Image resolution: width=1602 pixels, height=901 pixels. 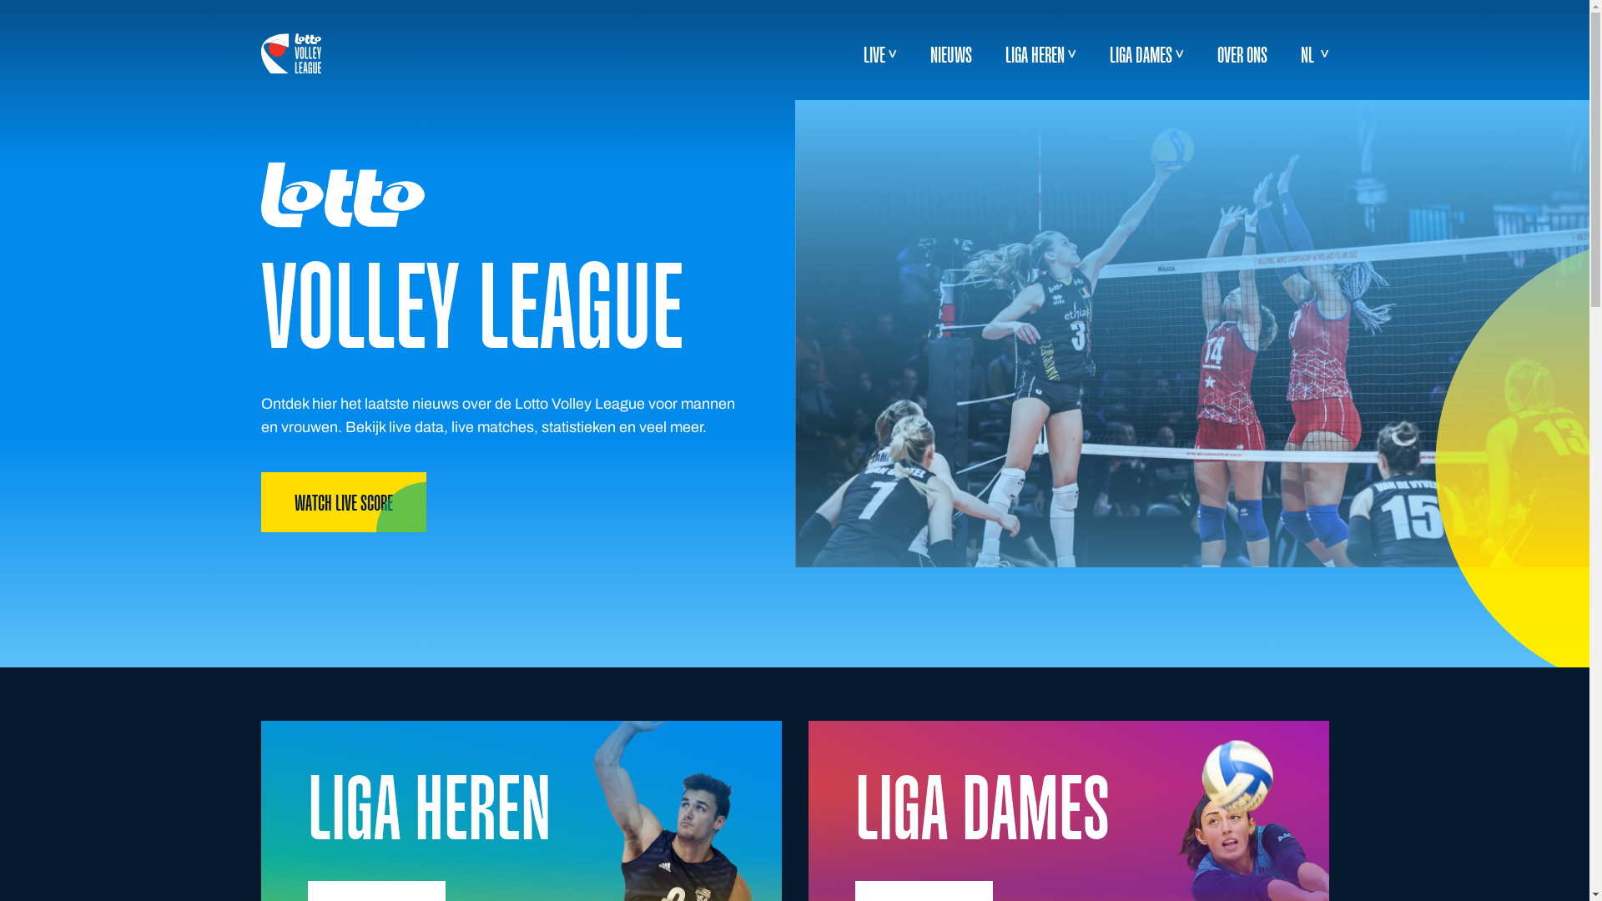 What do you see at coordinates (342, 501) in the screenshot?
I see `'WATCH LIVE SCORE'` at bounding box center [342, 501].